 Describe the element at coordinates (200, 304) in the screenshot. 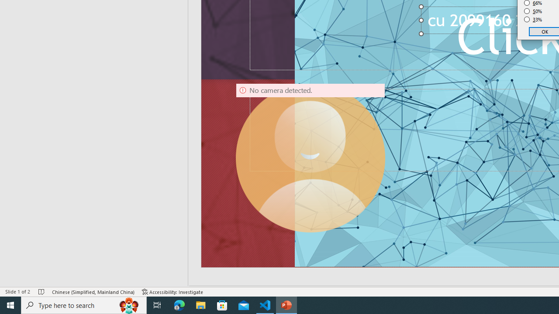

I see `'File Explorer'` at that location.